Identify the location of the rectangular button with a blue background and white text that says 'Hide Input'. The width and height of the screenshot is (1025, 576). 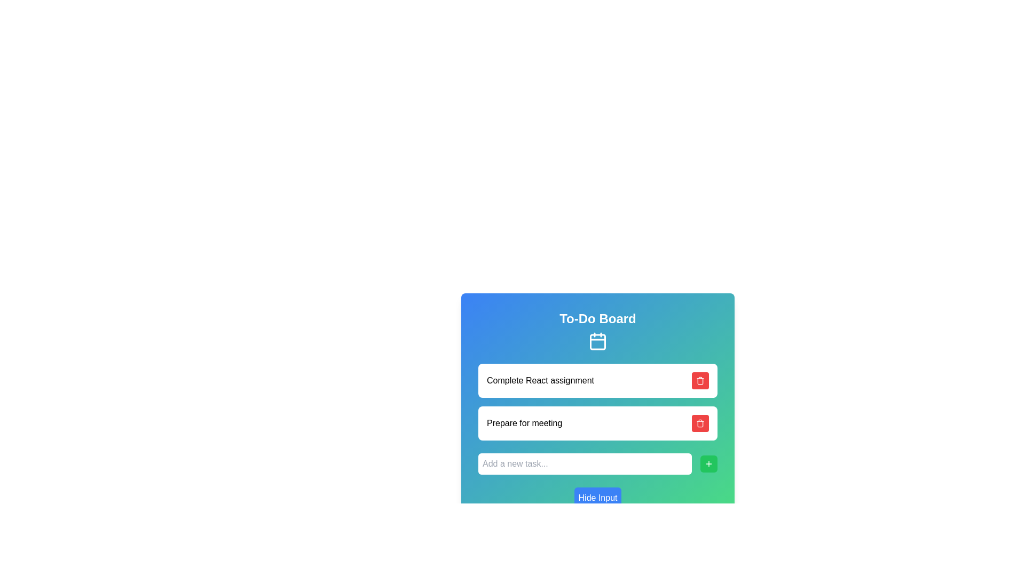
(597, 498).